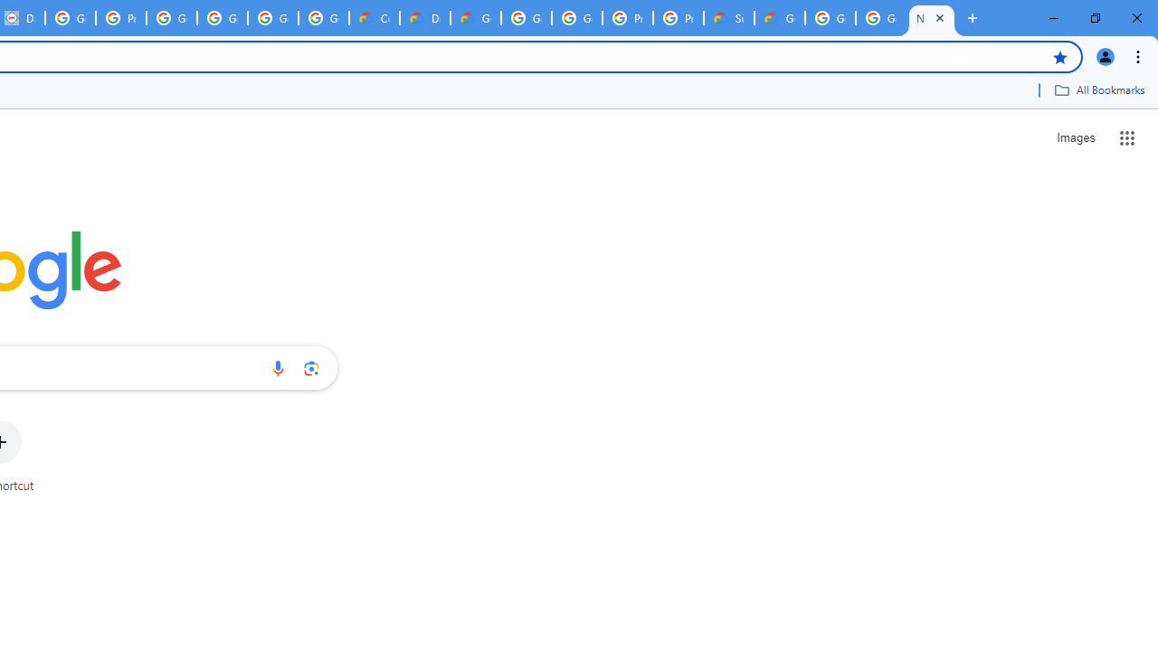 Image resolution: width=1158 pixels, height=651 pixels. What do you see at coordinates (729, 18) in the screenshot?
I see `'Support Hub | Google Cloud'` at bounding box center [729, 18].